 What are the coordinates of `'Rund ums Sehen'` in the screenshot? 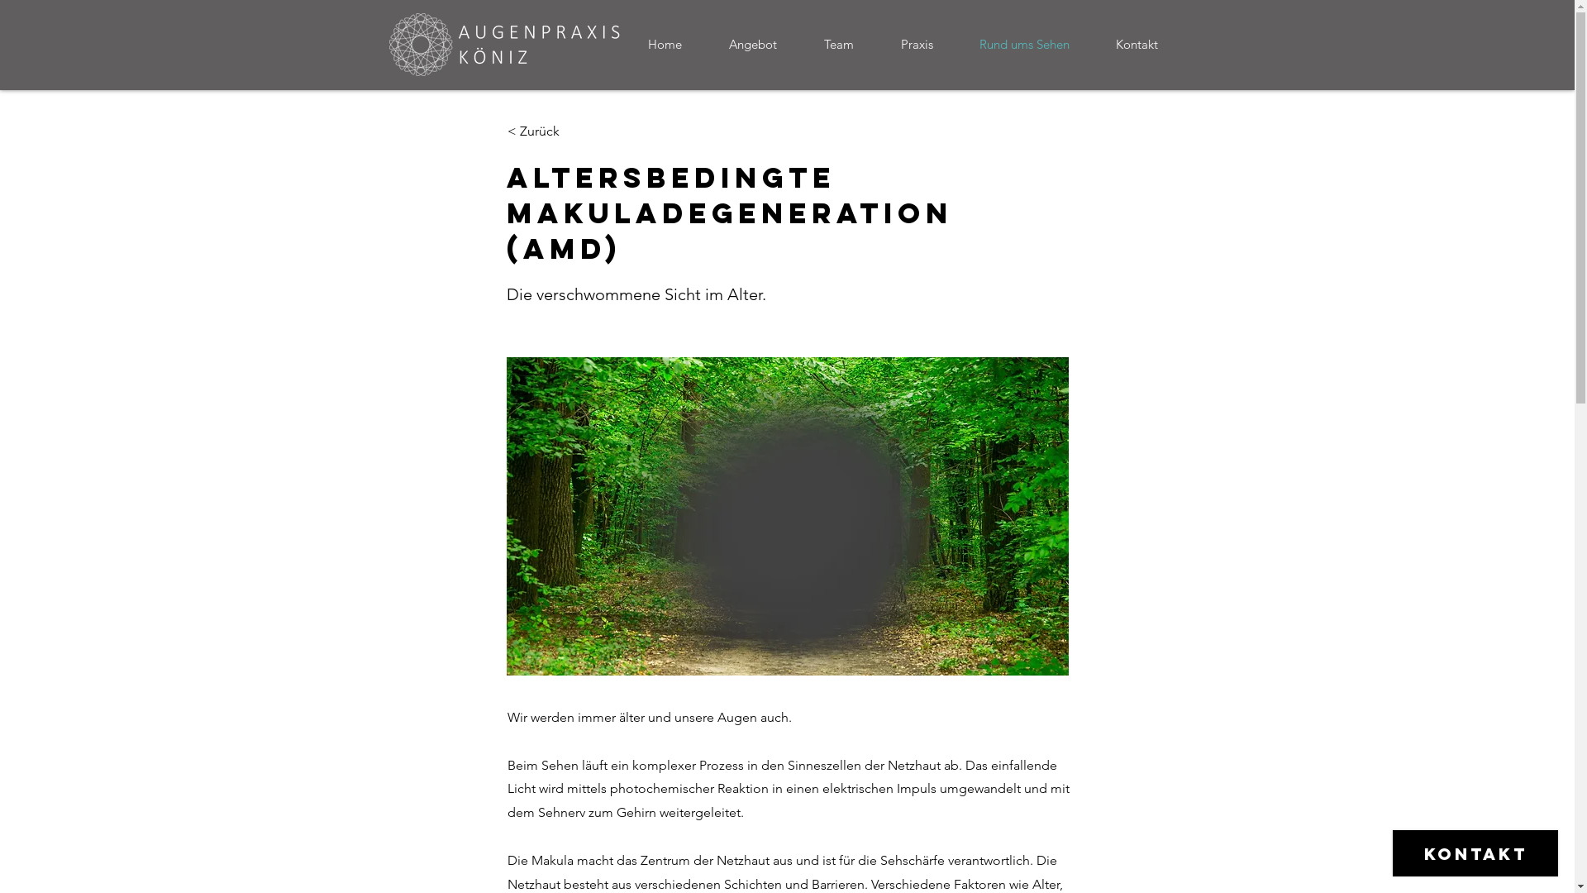 It's located at (1034, 44).